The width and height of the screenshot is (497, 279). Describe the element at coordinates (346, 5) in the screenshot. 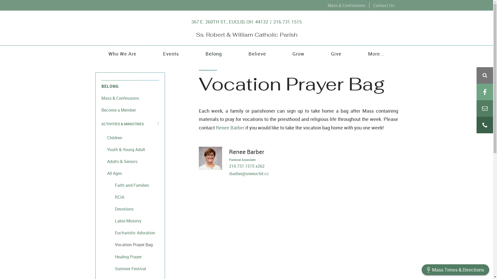

I see `'Mass & Confessions'` at that location.